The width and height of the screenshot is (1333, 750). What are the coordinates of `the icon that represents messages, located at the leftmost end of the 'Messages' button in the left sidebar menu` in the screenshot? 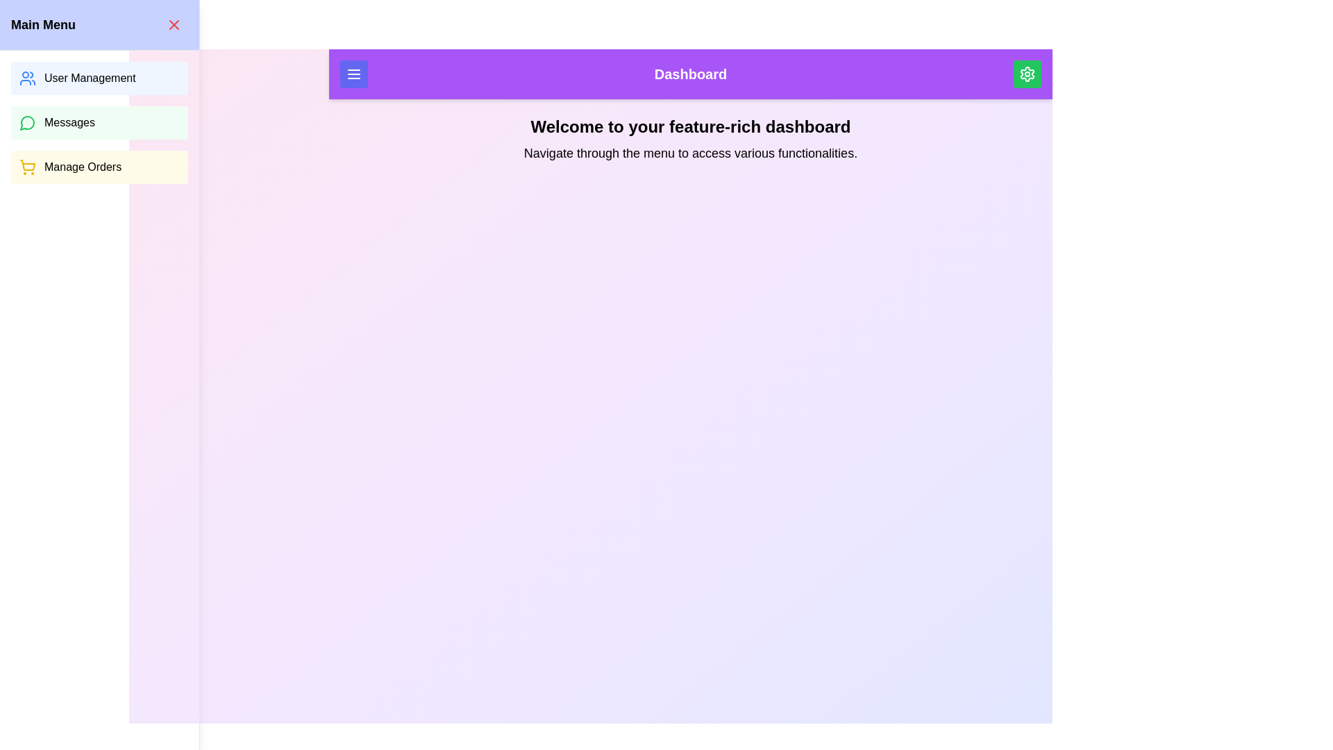 It's located at (27, 122).